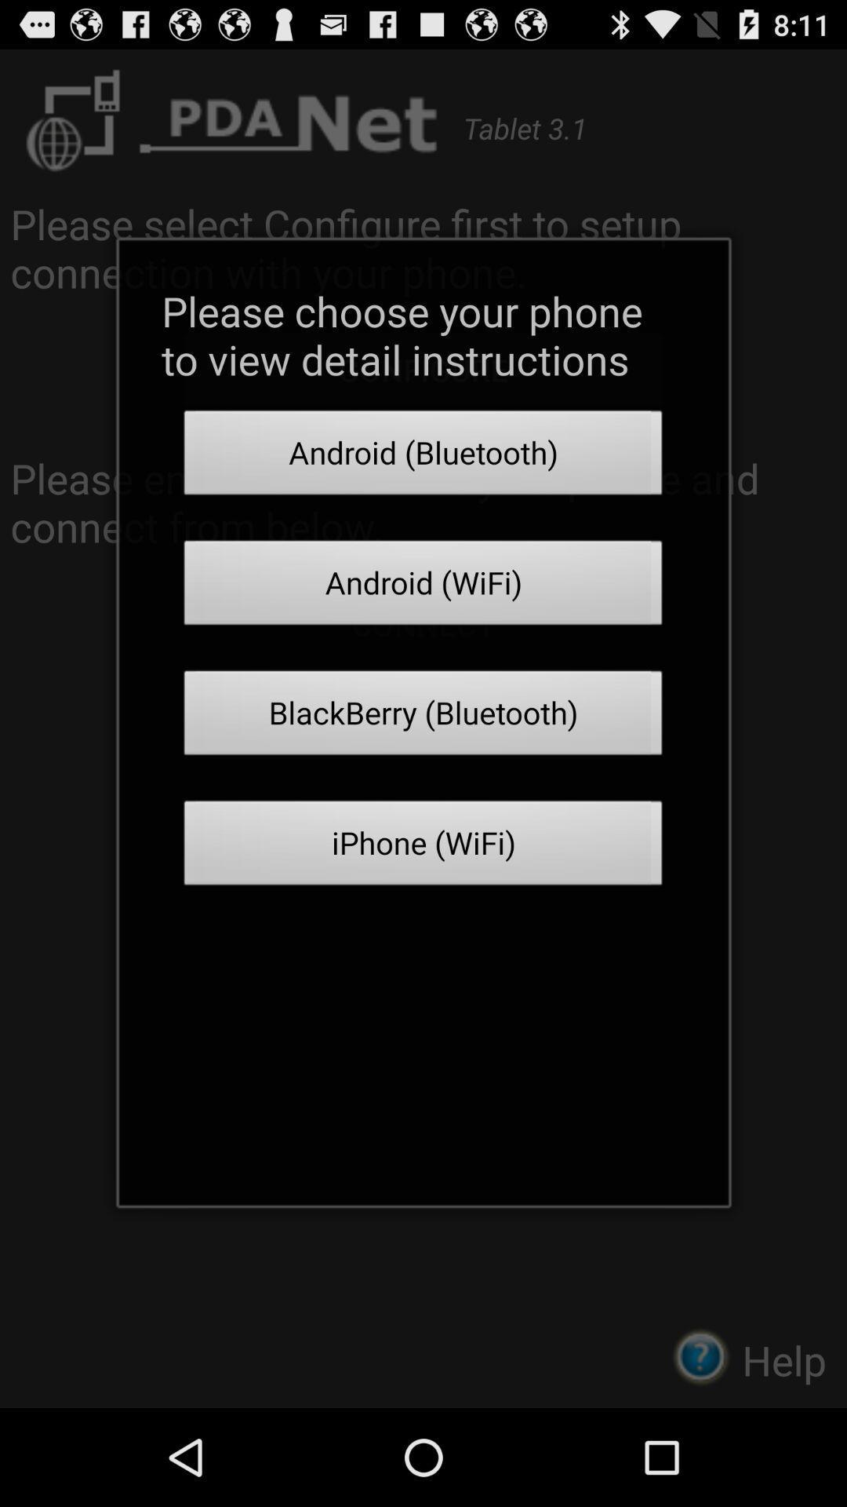 The height and width of the screenshot is (1507, 847). Describe the element at coordinates (423, 847) in the screenshot. I see `button below blackberry (bluetooth) item` at that location.